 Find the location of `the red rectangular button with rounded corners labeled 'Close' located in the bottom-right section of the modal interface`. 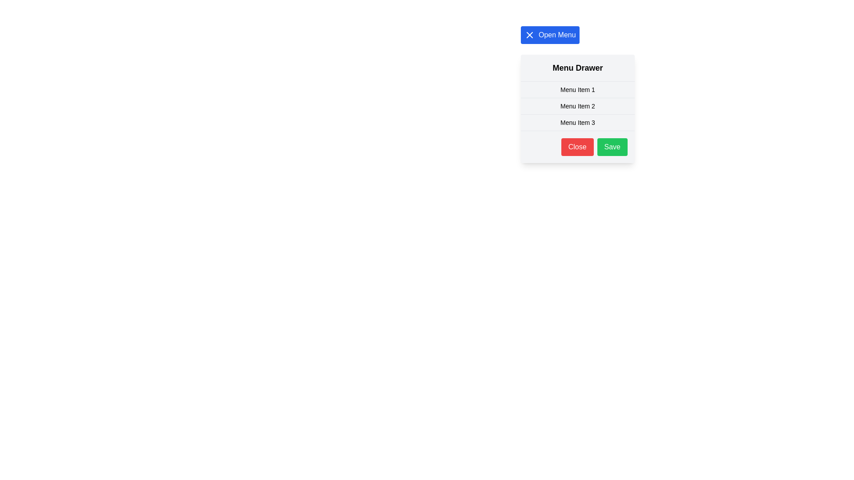

the red rectangular button with rounded corners labeled 'Close' located in the bottom-right section of the modal interface is located at coordinates (577, 147).